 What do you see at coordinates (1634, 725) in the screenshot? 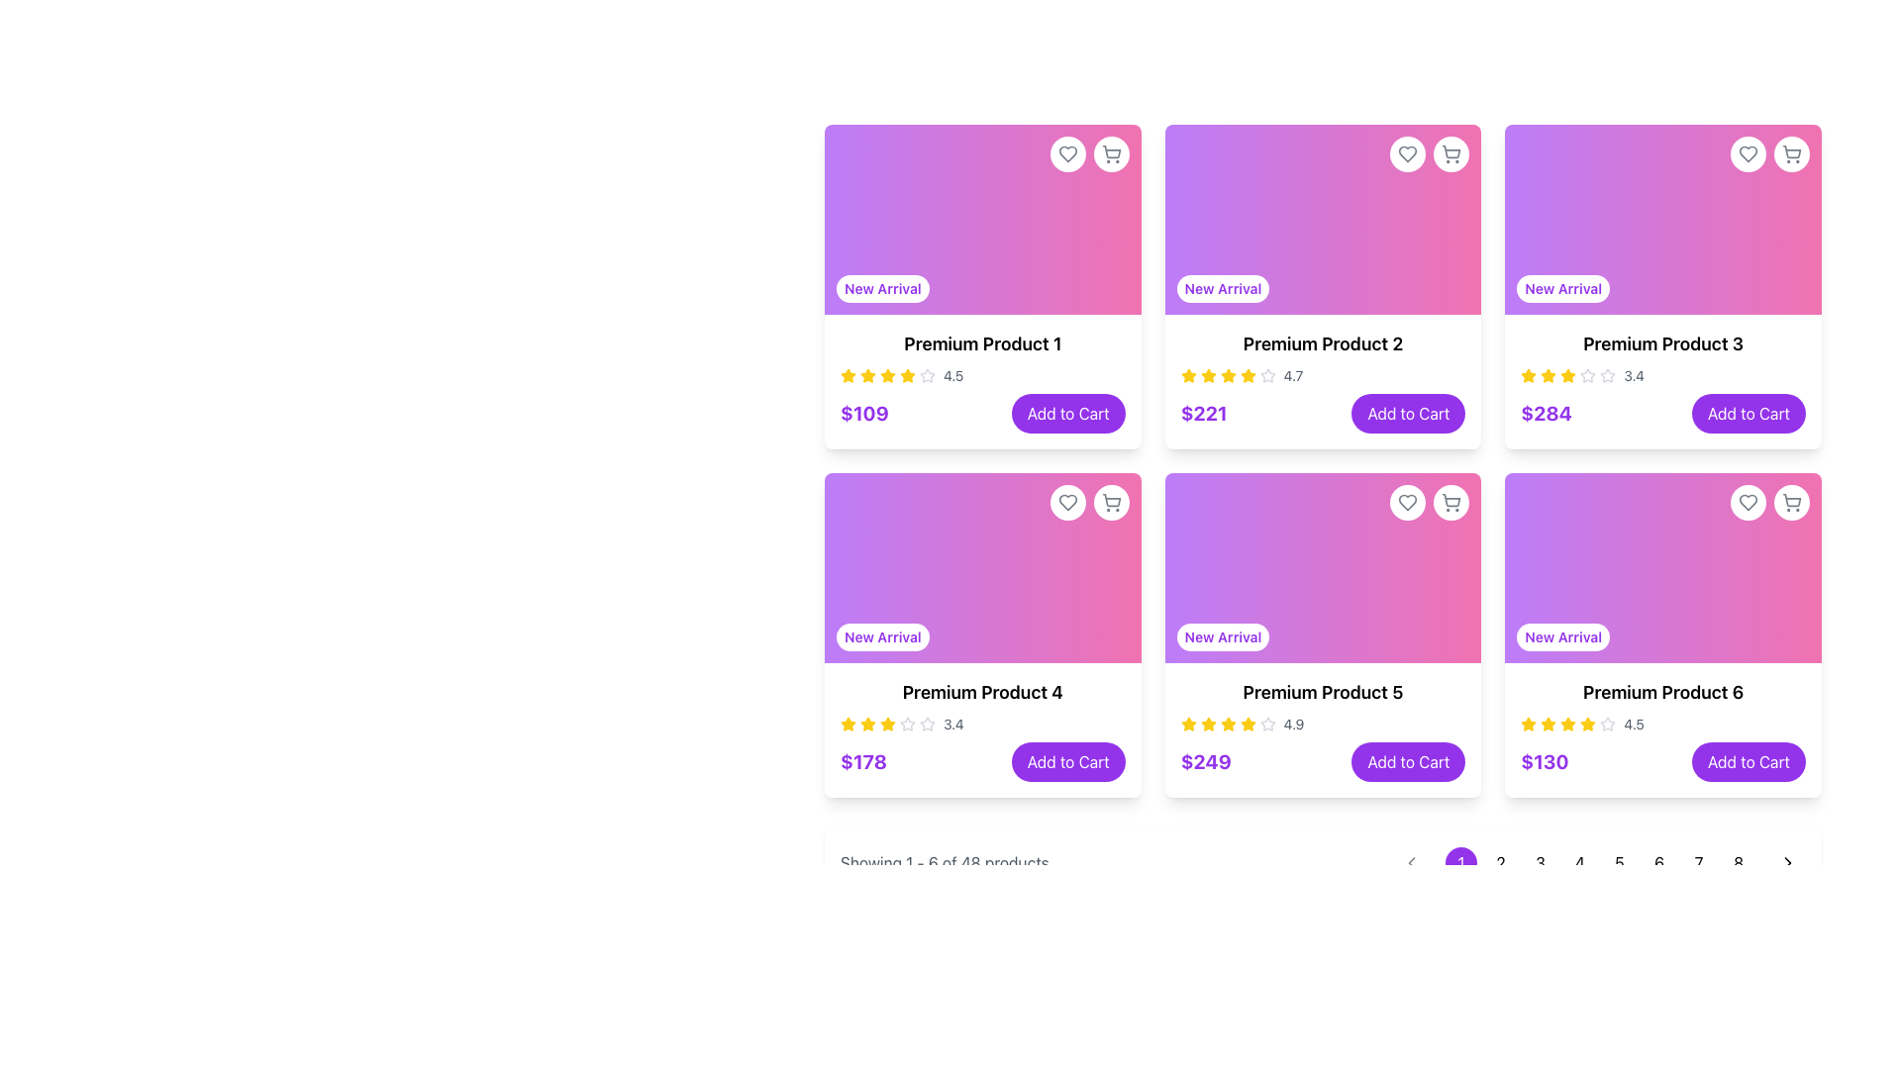
I see `text label displaying '4.5', styled in gray color, located to the right of the yellow star icons in the 'Premium Product 6' card` at bounding box center [1634, 725].